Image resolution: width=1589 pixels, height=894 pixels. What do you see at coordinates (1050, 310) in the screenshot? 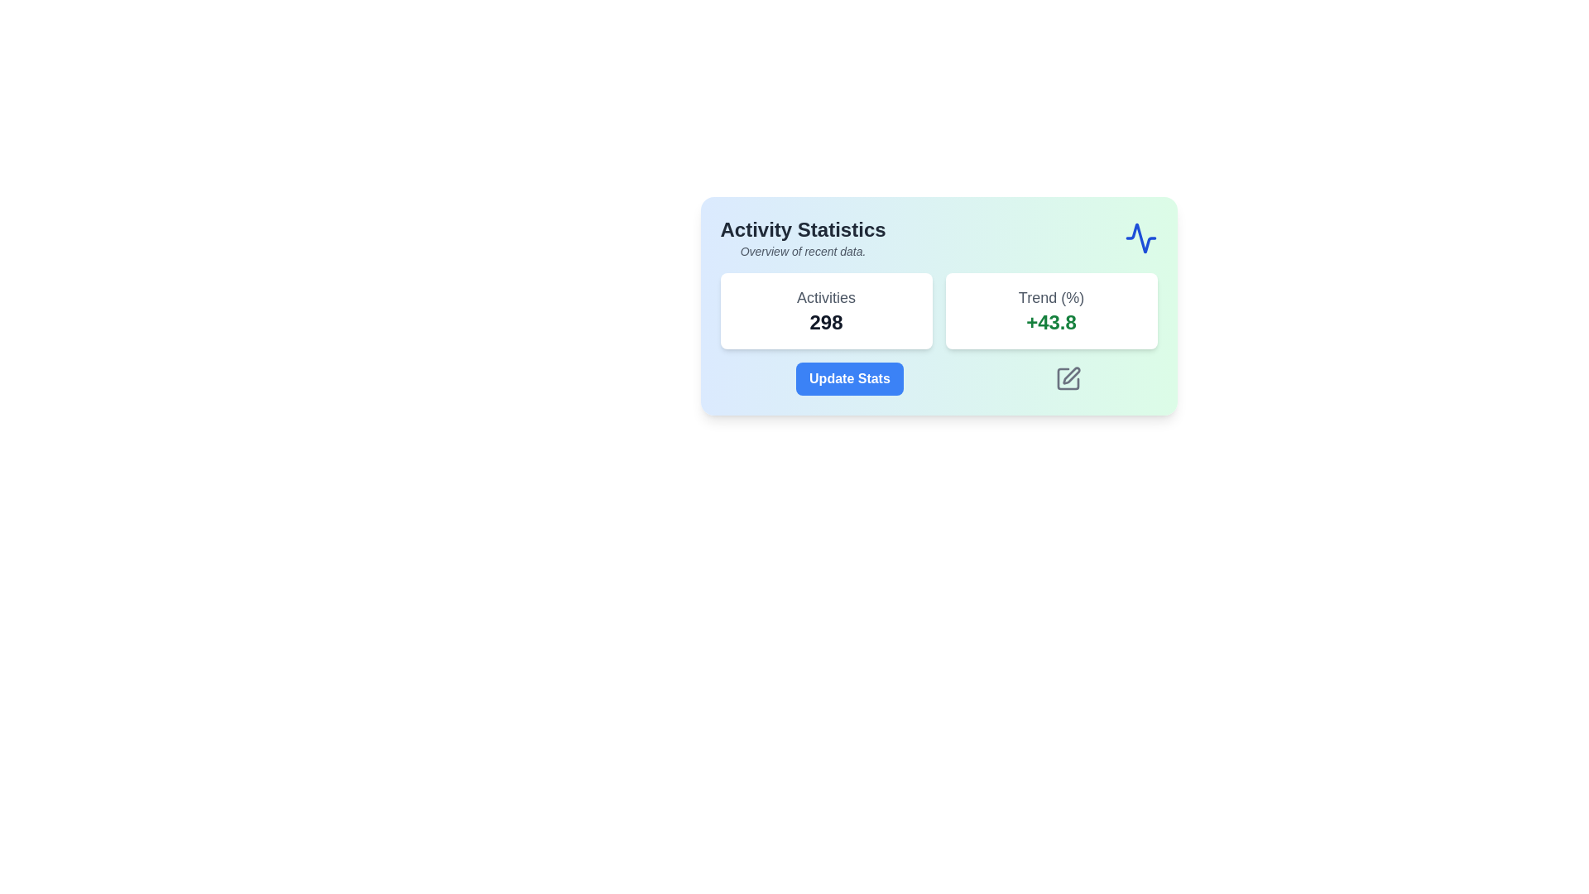
I see `the second informational card in the 'Activity Statistics' section, which displays the trend percentage value, located to the right of the 'Activities 298' card` at bounding box center [1050, 310].